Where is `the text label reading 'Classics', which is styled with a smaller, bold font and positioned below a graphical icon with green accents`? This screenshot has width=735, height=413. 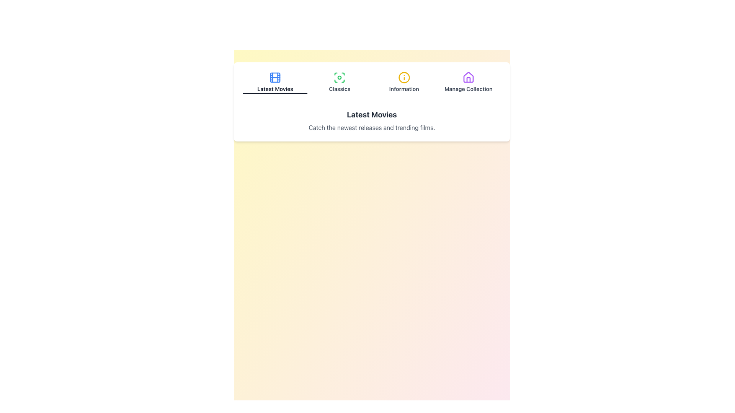 the text label reading 'Classics', which is styled with a smaller, bold font and positioned below a graphical icon with green accents is located at coordinates (339, 88).